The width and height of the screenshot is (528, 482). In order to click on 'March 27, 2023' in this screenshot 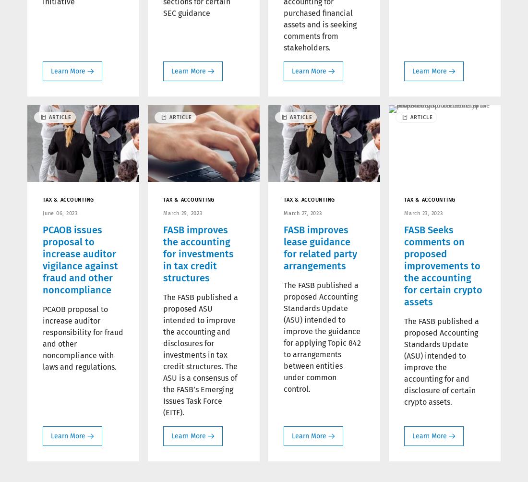, I will do `click(302, 212)`.